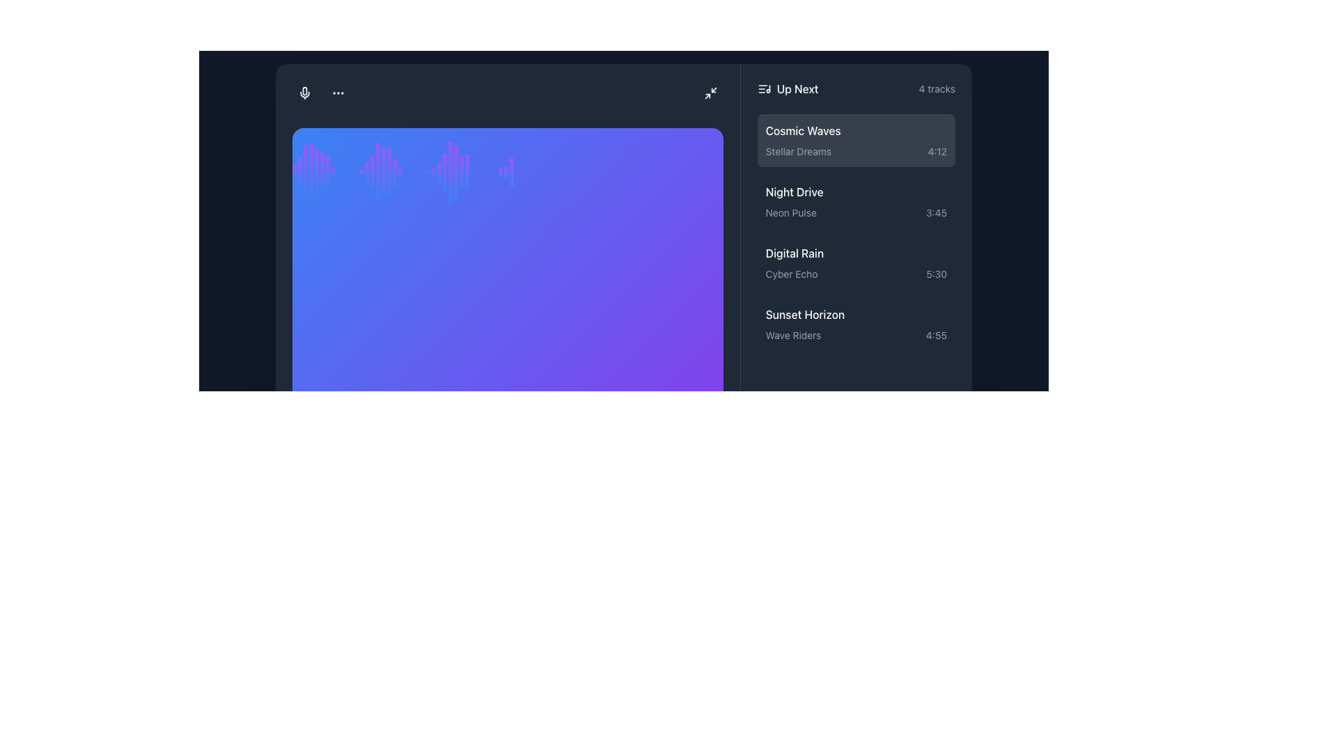  Describe the element at coordinates (367, 171) in the screenshot. I see `the 15th vertical bar in the graphical visualization segment, which has a gradient color transitioning from blue at the bottom to purple at the top` at that location.